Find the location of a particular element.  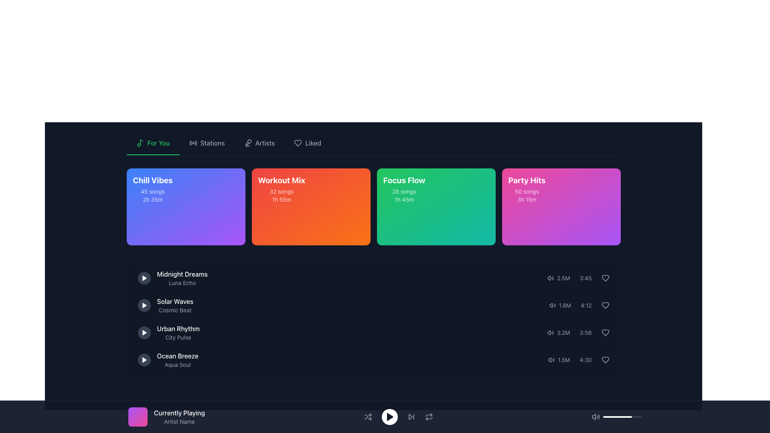

the volume is located at coordinates (608, 417).